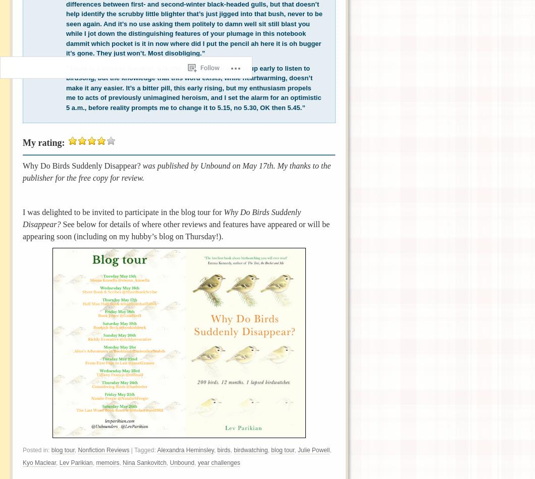 Image resolution: width=535 pixels, height=479 pixels. Describe the element at coordinates (37, 449) in the screenshot. I see `'Posted in:'` at that location.